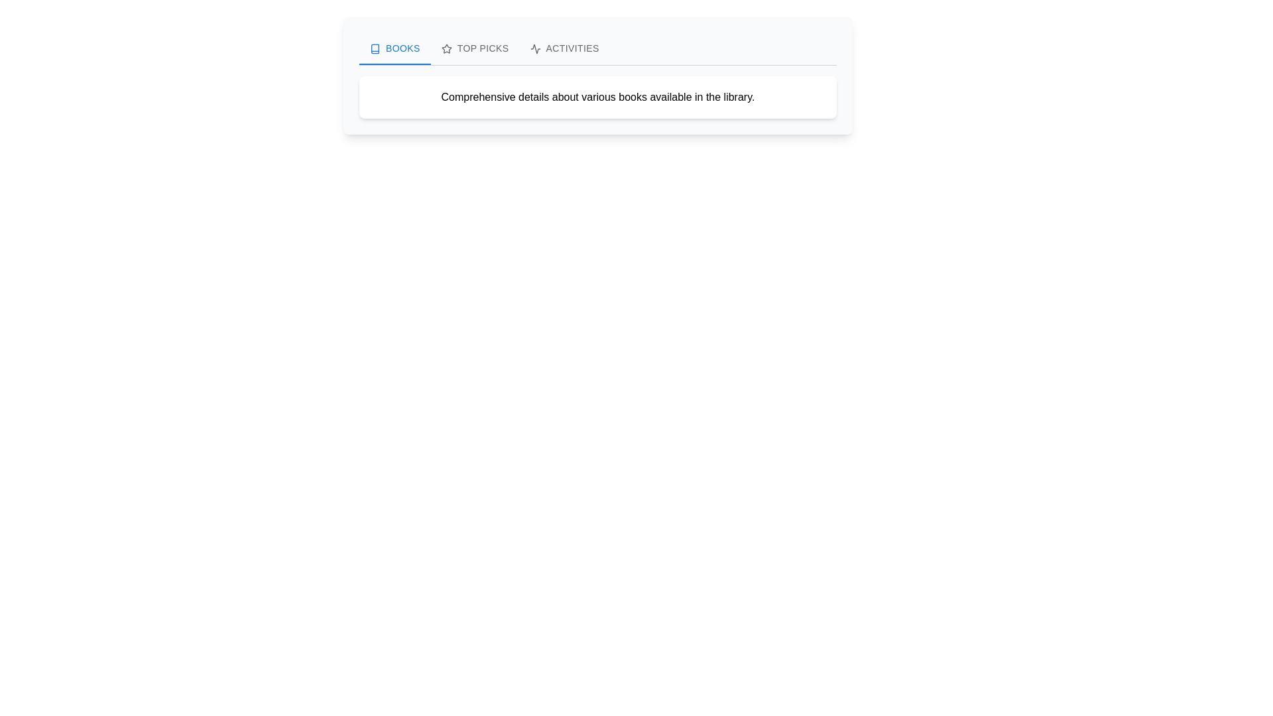 The image size is (1273, 716). What do you see at coordinates (446, 48) in the screenshot?
I see `the star-shaped vector graphic that represents the 'TOP PICKS' tab in the navigation area to facilitate navigation` at bounding box center [446, 48].